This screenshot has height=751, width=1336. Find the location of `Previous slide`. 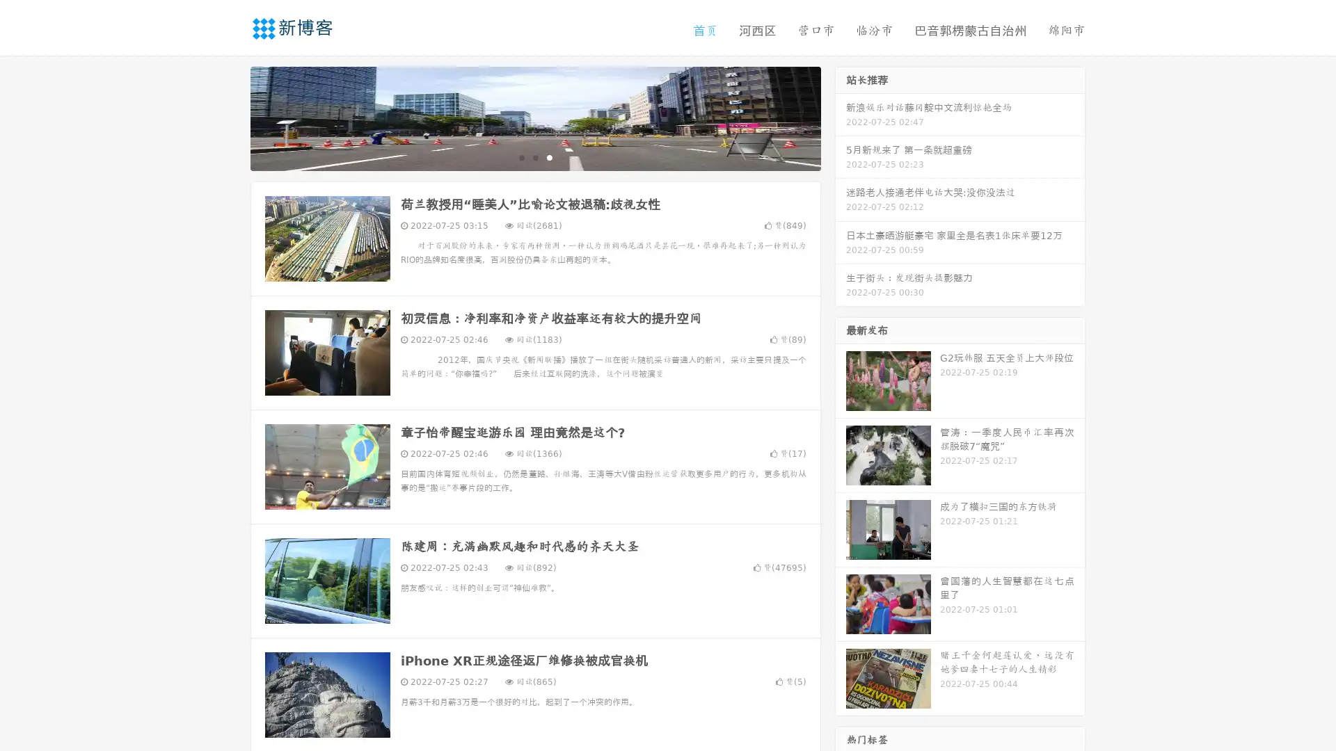

Previous slide is located at coordinates (230, 117).